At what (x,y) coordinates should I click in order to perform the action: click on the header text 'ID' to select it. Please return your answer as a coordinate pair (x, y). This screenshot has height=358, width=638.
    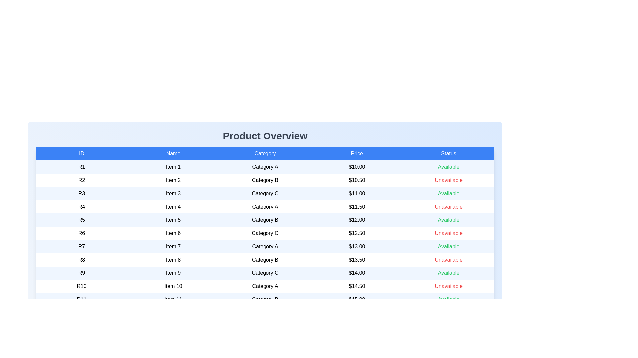
    Looking at the image, I should click on (81, 153).